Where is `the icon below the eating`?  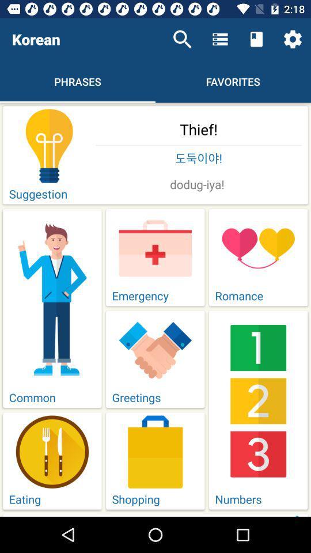 the icon below the eating is located at coordinates (198, 514).